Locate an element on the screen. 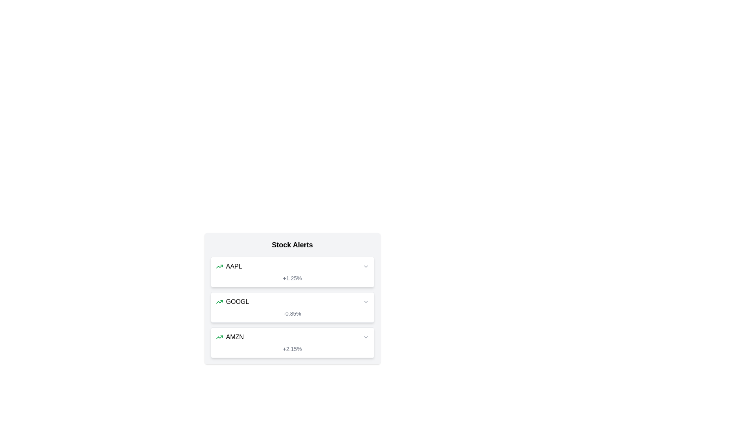 The image size is (754, 424). the dropdown toggle button, which is a small downward-pointing arrow styled in gray, located at the far-right side of the middle row in the 'Stock Alerts' section, adjacent to the 'GOOGL' label is located at coordinates (365, 301).